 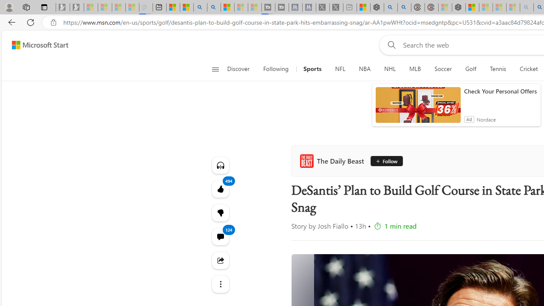 What do you see at coordinates (528, 69) in the screenshot?
I see `'Cricket'` at bounding box center [528, 69].